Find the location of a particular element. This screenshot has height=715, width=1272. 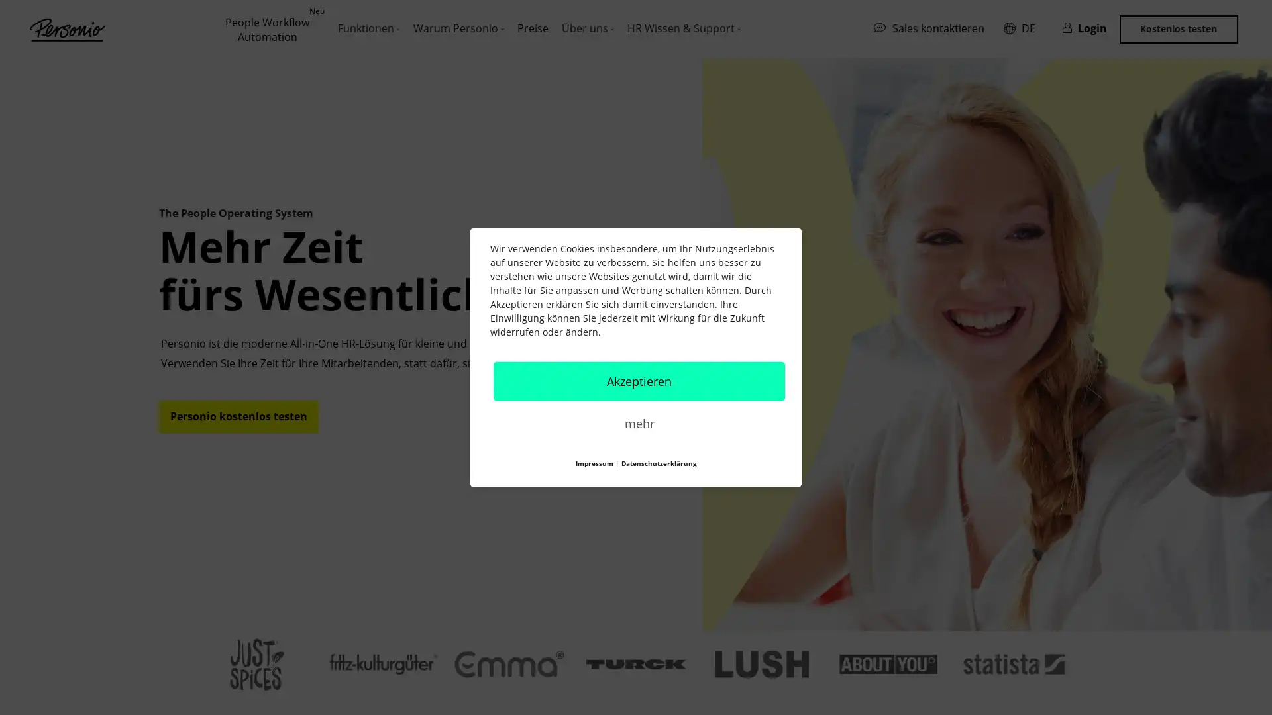

Akzeptieren is located at coordinates (639, 381).